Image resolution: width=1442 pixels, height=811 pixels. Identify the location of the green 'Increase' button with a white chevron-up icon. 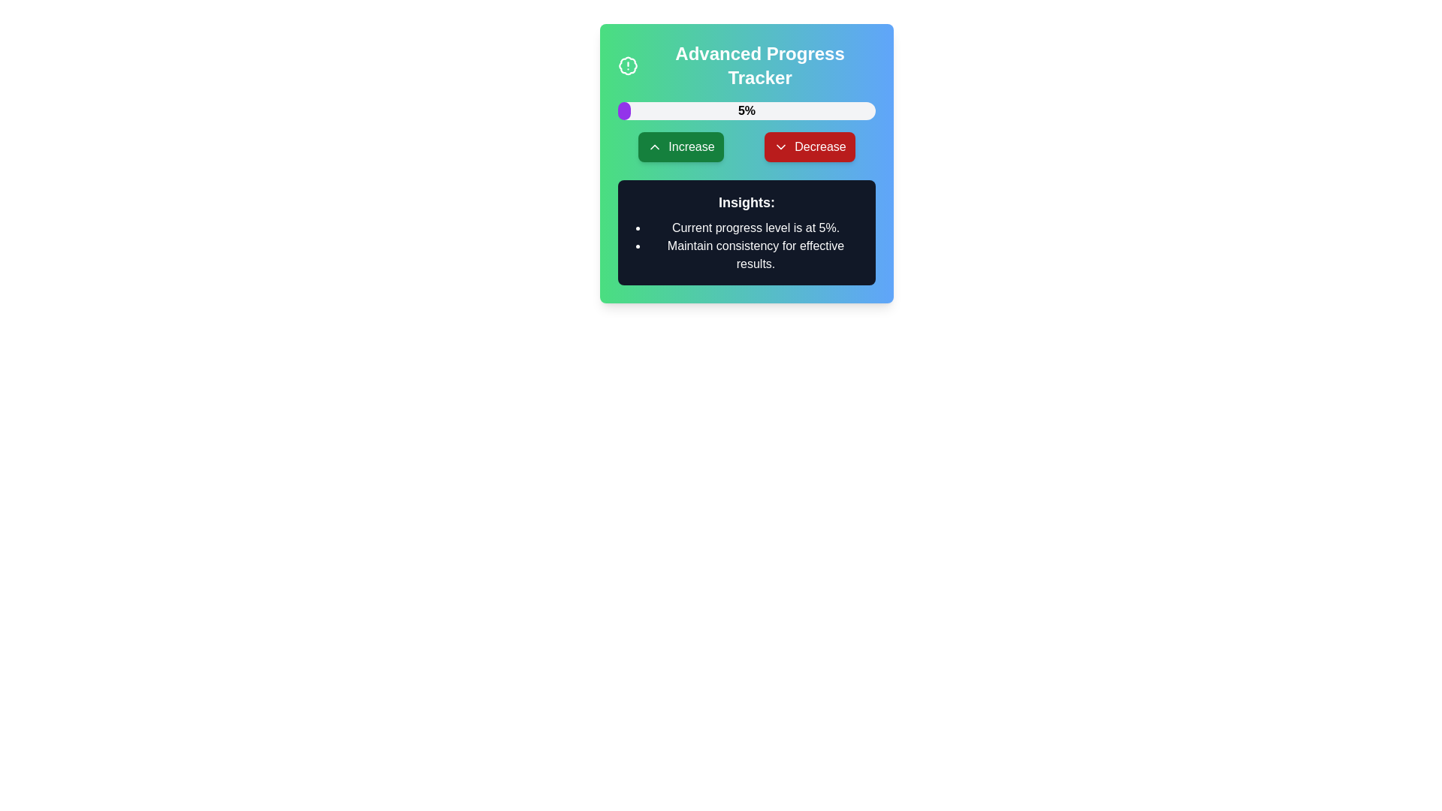
(680, 147).